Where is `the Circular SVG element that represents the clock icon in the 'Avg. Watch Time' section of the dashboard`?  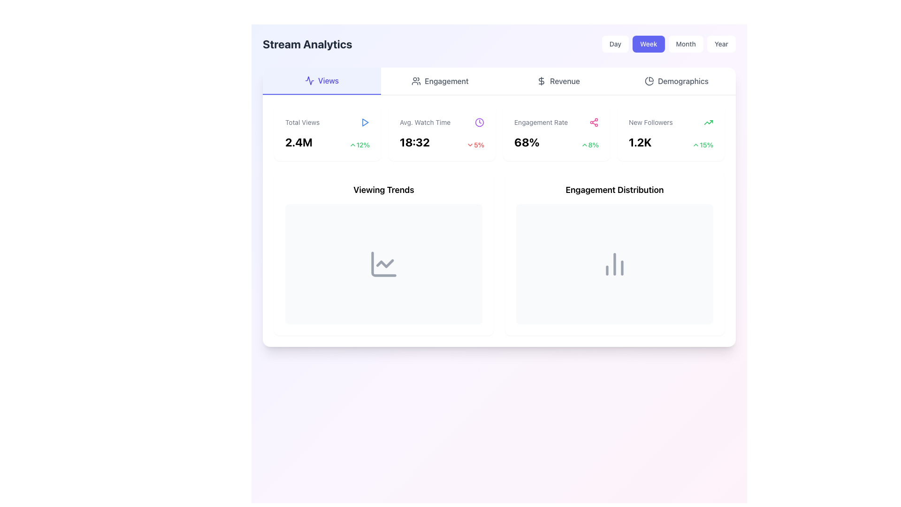
the Circular SVG element that represents the clock icon in the 'Avg. Watch Time' section of the dashboard is located at coordinates (480, 122).